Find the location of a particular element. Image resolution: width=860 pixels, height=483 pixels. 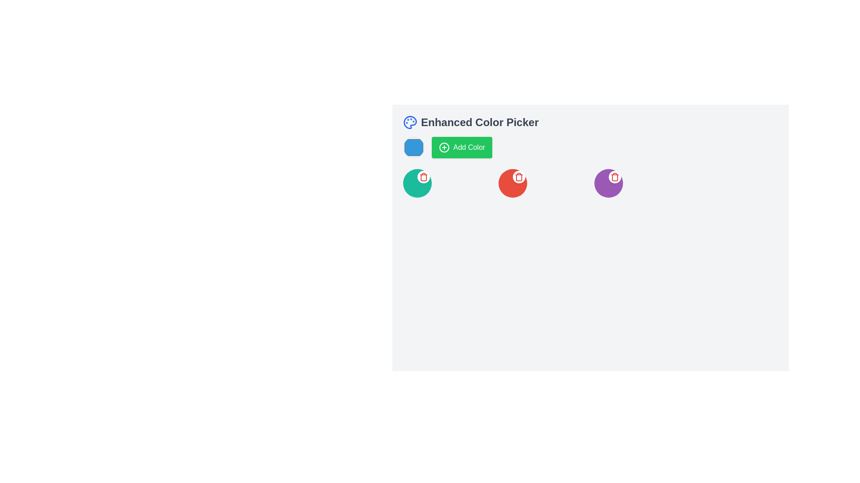

the circular blue button located to the left of the 'Add Color' green button in the Enhanced Color Picker interface to interact with the color selection is located at coordinates (413, 147).